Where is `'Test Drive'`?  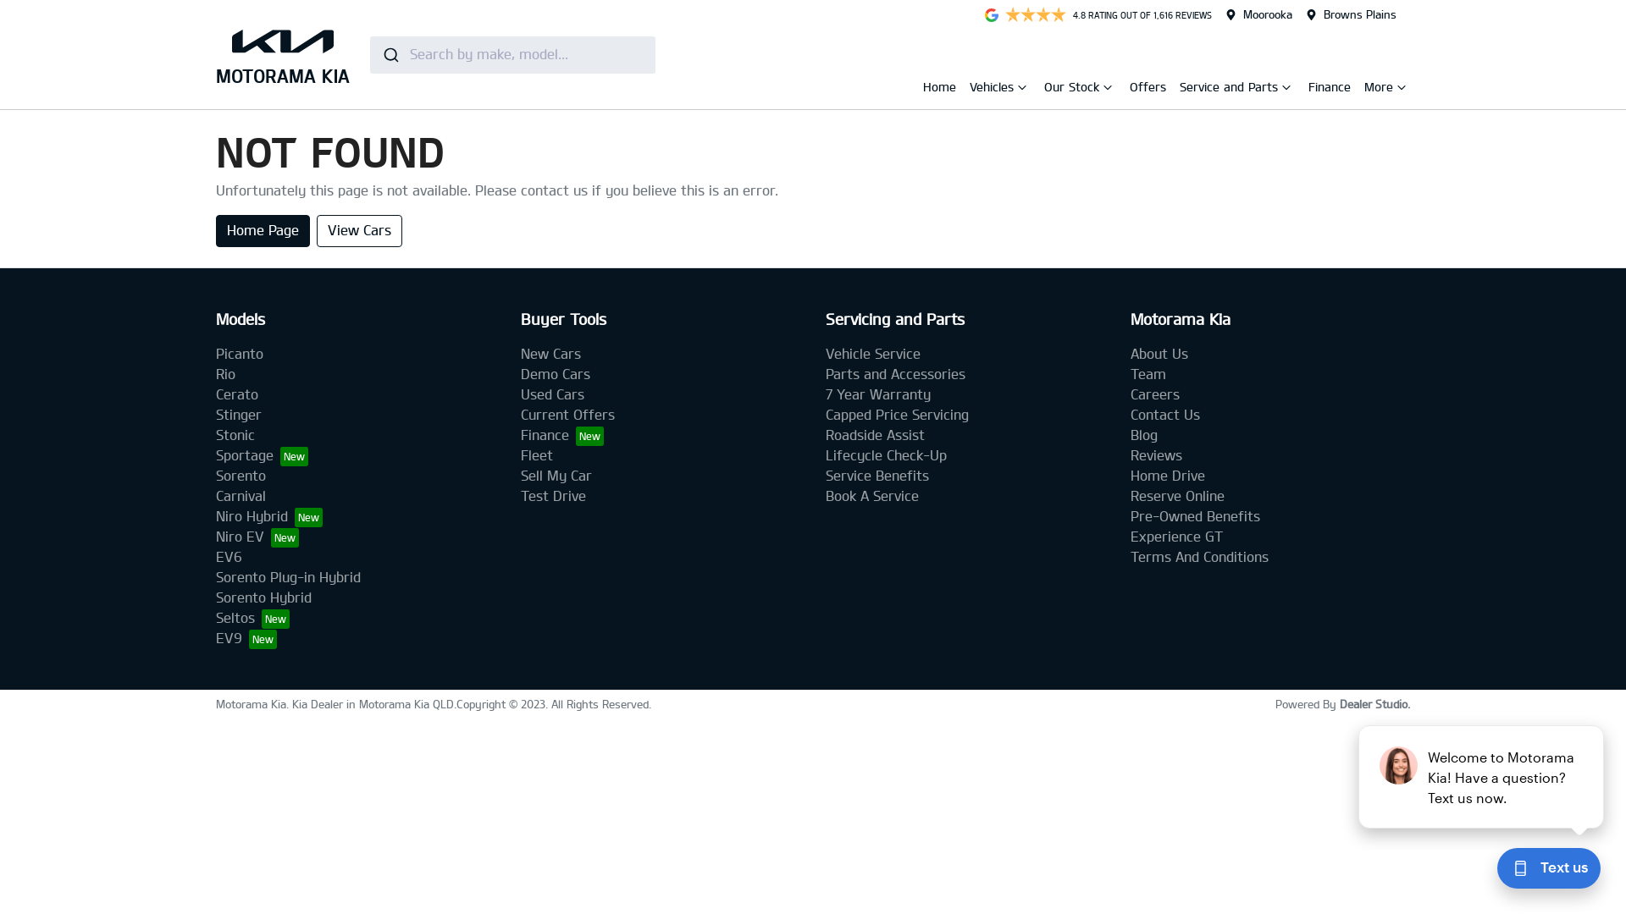 'Test Drive' is located at coordinates (553, 495).